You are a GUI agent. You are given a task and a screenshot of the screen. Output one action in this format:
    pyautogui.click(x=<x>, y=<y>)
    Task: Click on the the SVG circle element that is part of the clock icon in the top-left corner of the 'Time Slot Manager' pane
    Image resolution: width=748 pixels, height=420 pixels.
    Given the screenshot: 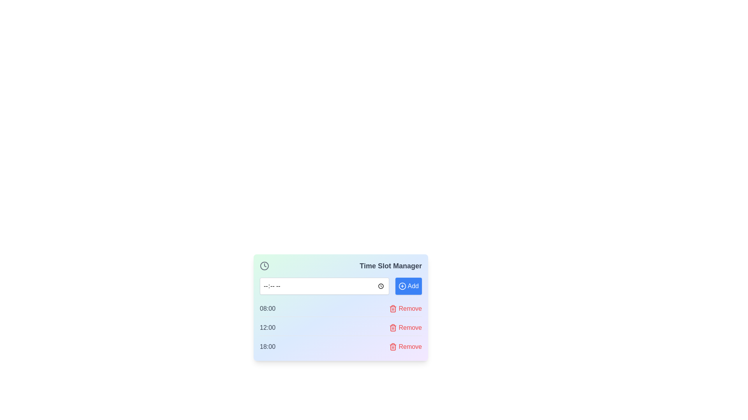 What is the action you would take?
    pyautogui.click(x=264, y=265)
    